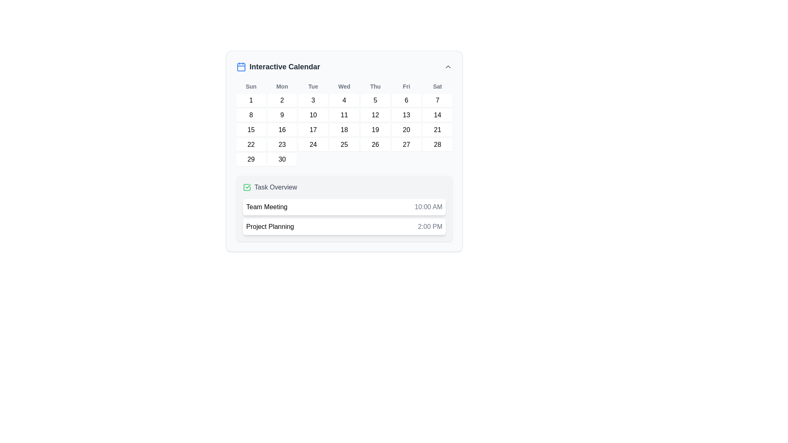  What do you see at coordinates (344, 207) in the screenshot?
I see `the 'Team Meeting' event item in the task list` at bounding box center [344, 207].